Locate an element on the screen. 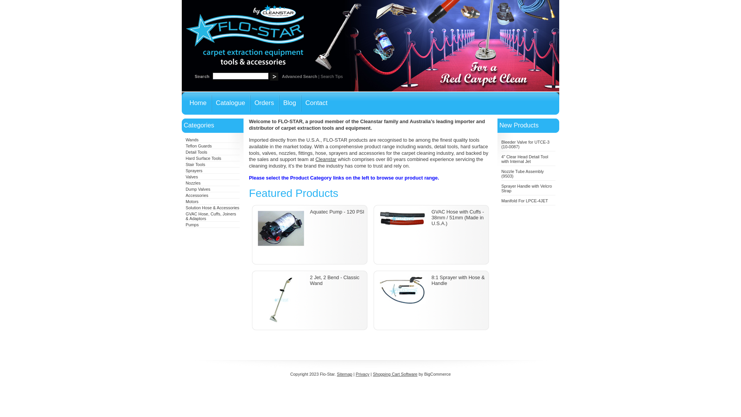 This screenshot has width=741, height=417. 'Blog' is located at coordinates (289, 103).